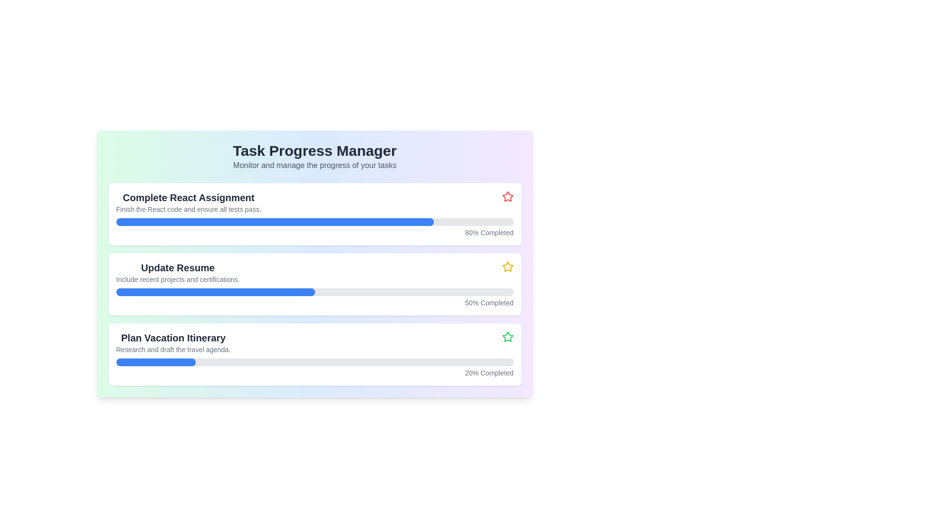 The image size is (935, 526). I want to click on the horizontal progress bar with a gray background and blue-filled section indicating 20% progress, located in the third task card labeled 'Plan Vacation Itinerary', so click(315, 362).